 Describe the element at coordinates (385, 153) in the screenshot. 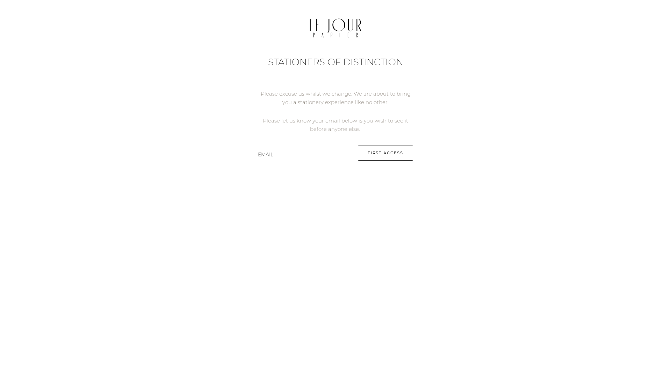

I see `'FIRST ACCESS'` at that location.